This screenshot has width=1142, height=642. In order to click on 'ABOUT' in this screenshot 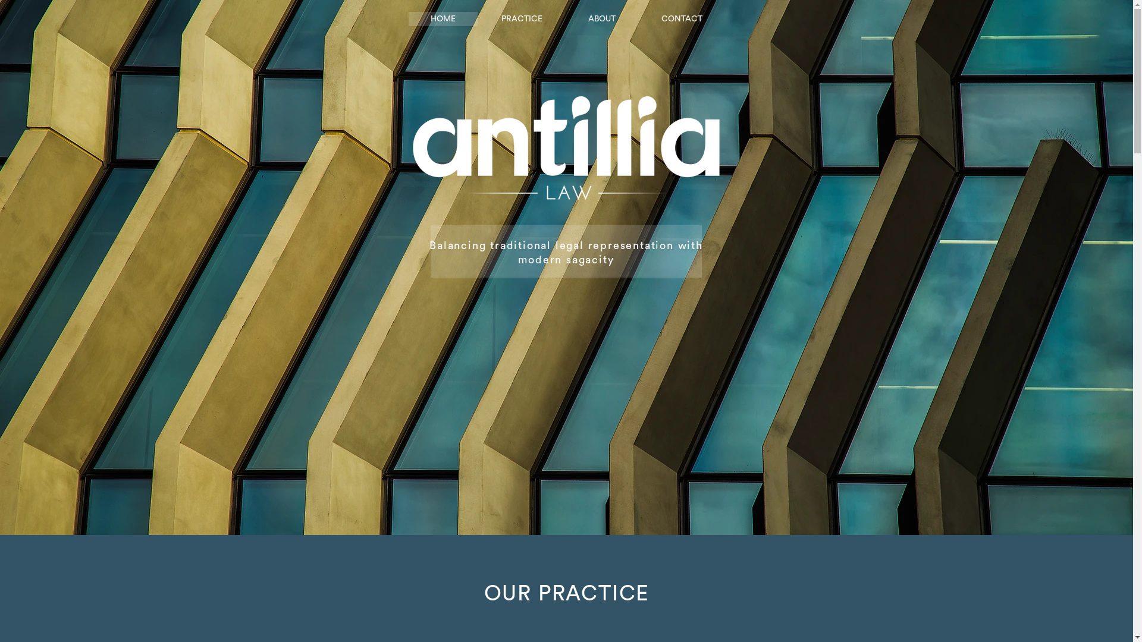, I will do `click(601, 18)`.